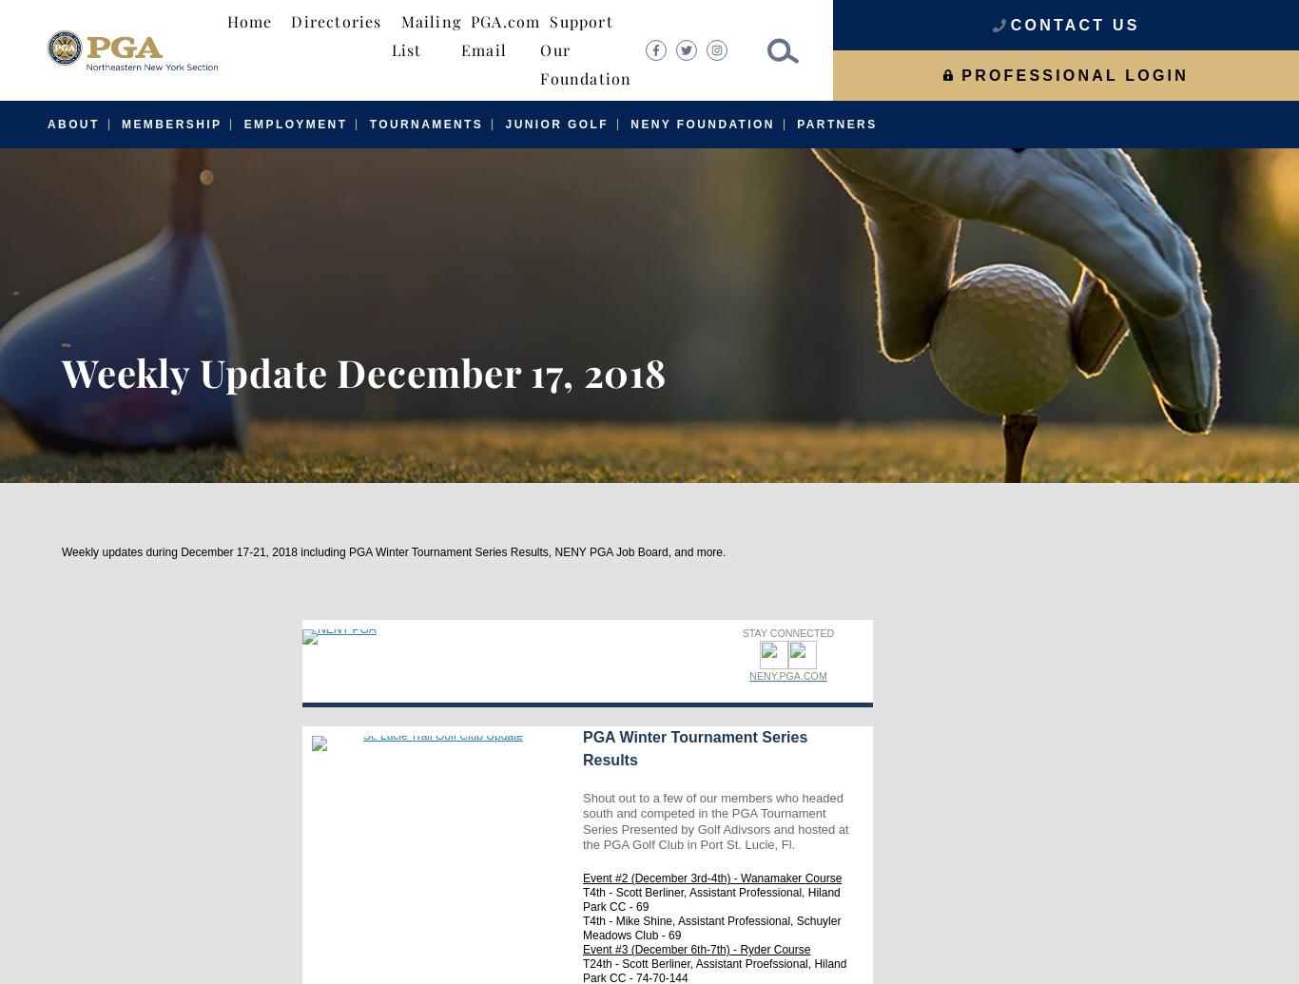  I want to click on 'NENY Foundation', so click(702, 125).